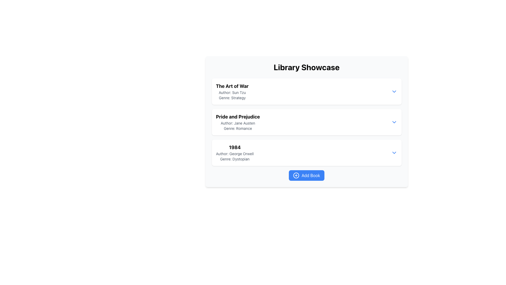 Image resolution: width=506 pixels, height=285 pixels. What do you see at coordinates (235, 154) in the screenshot?
I see `the Text label displaying the author's name for the book '1984', which is positioned below the title and above the genre descriptor 'Genre: Dystopian'` at bounding box center [235, 154].